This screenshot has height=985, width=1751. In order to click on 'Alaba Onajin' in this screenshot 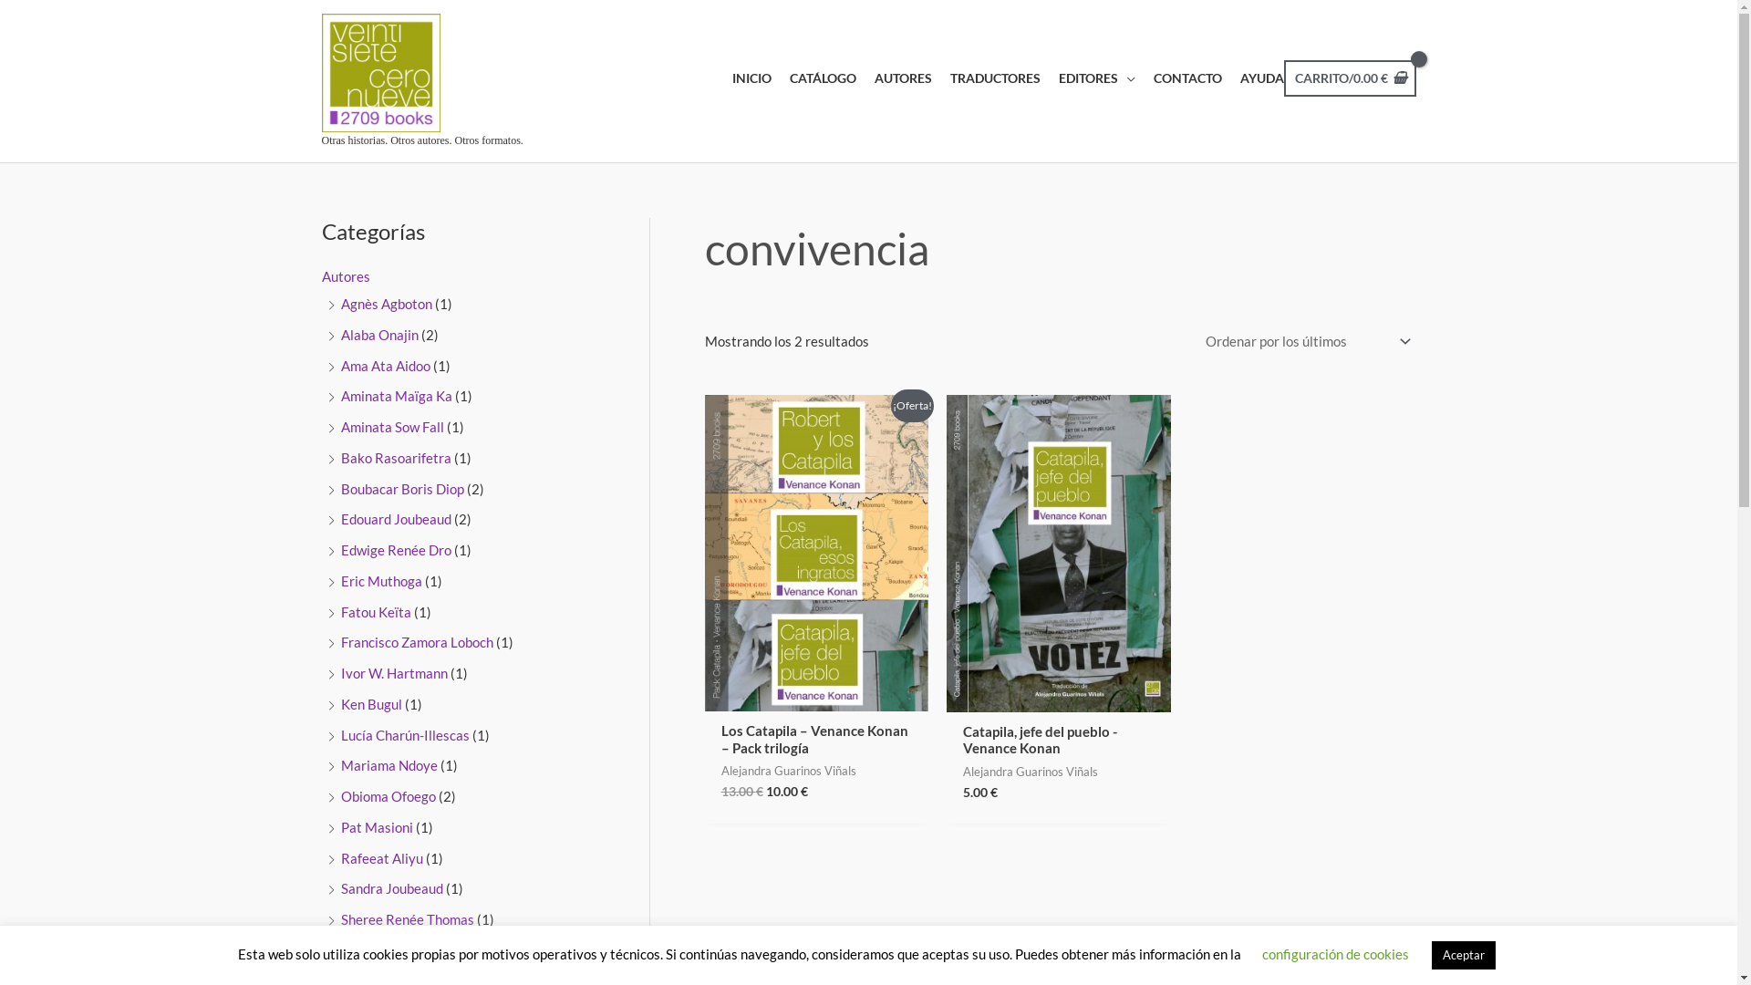, I will do `click(341, 334)`.